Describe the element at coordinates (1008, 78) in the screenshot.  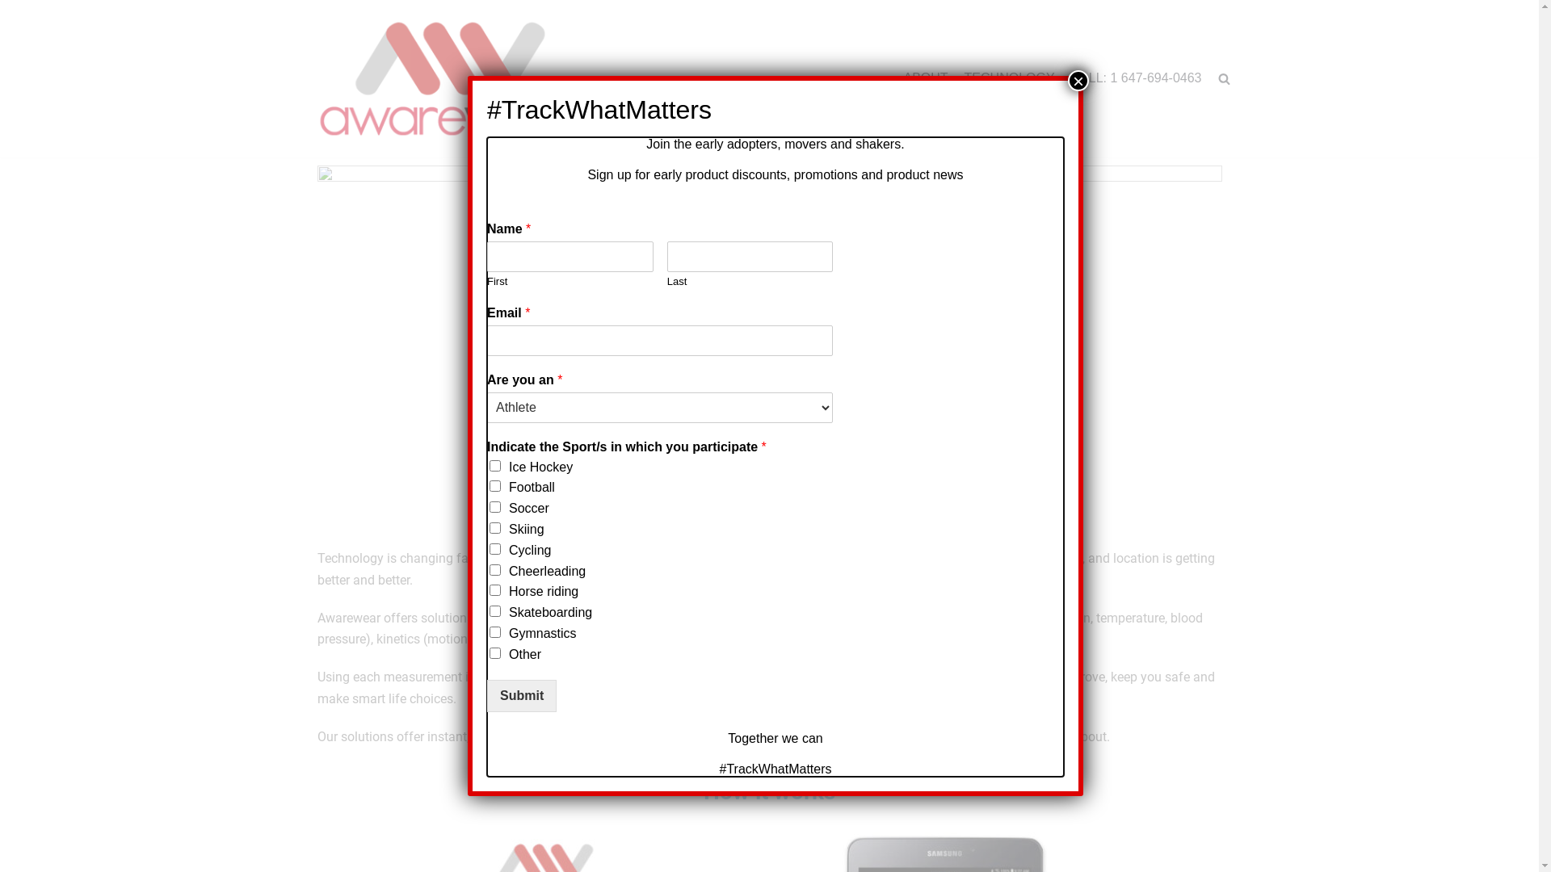
I see `'TECHNOLOGY'` at that location.